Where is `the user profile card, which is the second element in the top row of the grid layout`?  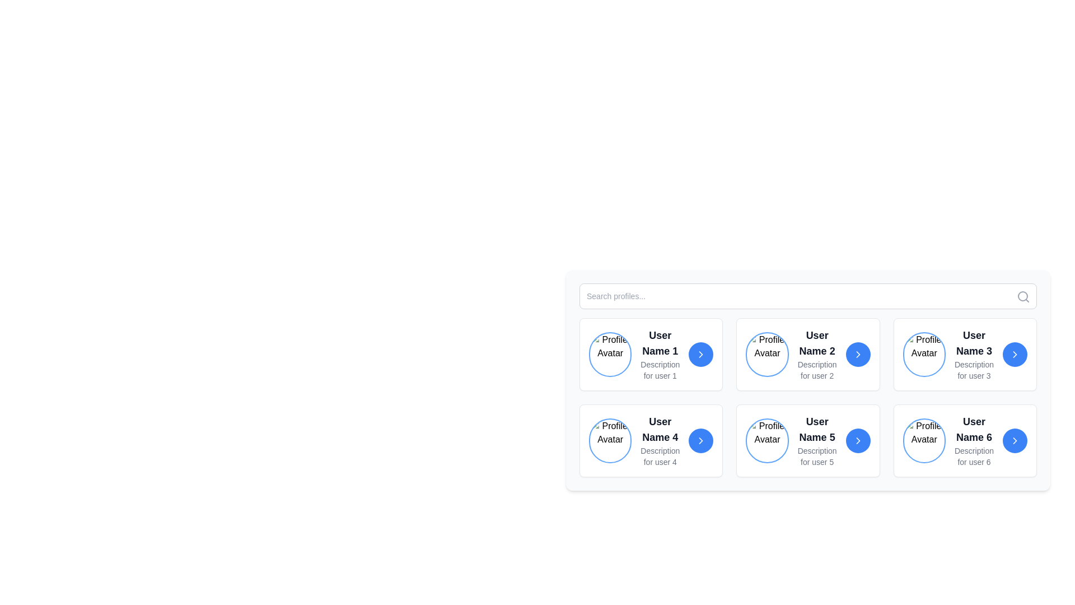
the user profile card, which is the second element in the top row of the grid layout is located at coordinates (808, 354).